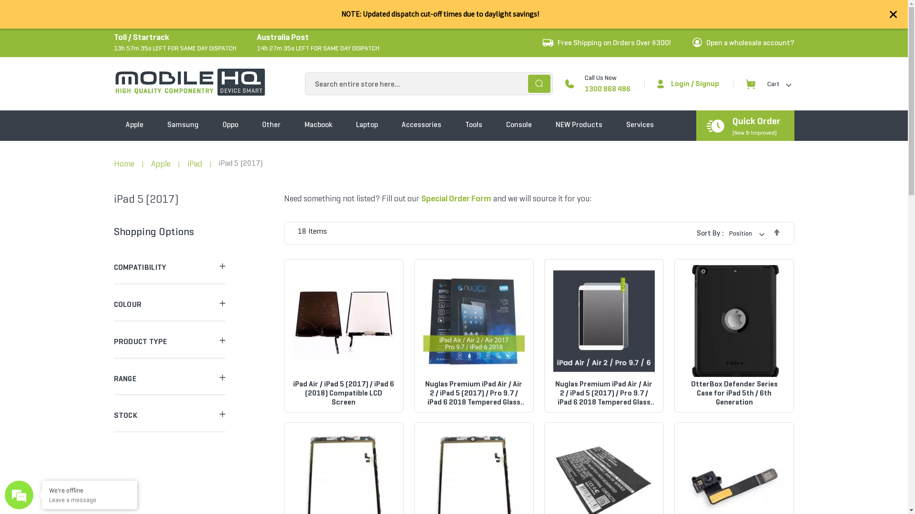 Image resolution: width=915 pixels, height=514 pixels. I want to click on 'Macbook', so click(318, 96).